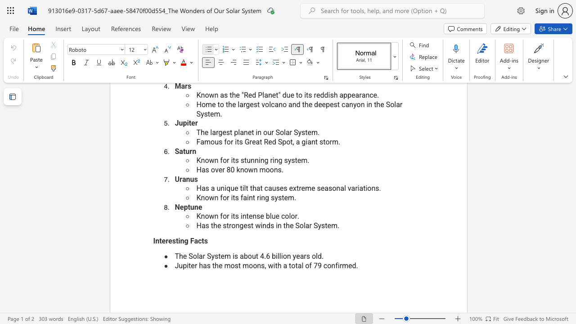  What do you see at coordinates (245, 225) in the screenshot?
I see `the 2th character "e" in the text` at bounding box center [245, 225].